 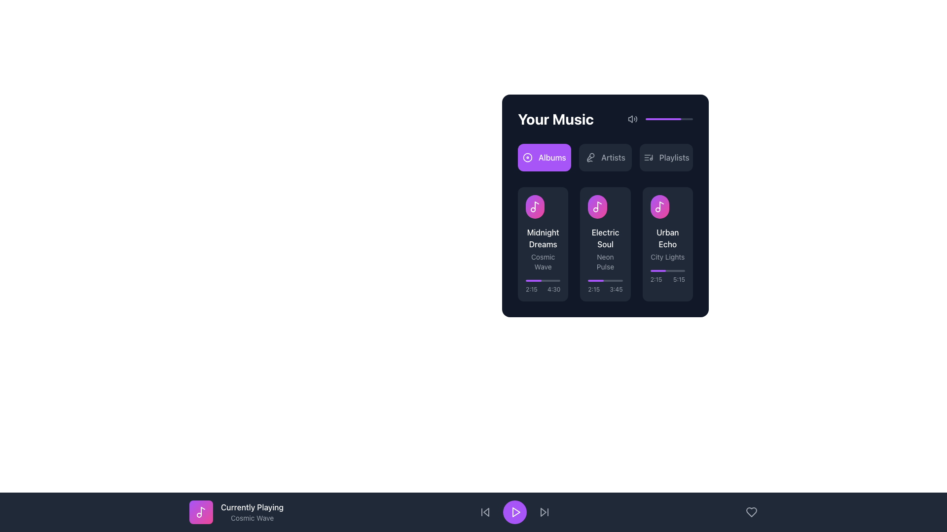 What do you see at coordinates (666, 157) in the screenshot?
I see `the 'Playlists' button, which is the third button in a horizontal row of buttons labeled 'Albums', 'Artists', and 'Playlists', located below the main heading 'Your Music'` at bounding box center [666, 157].